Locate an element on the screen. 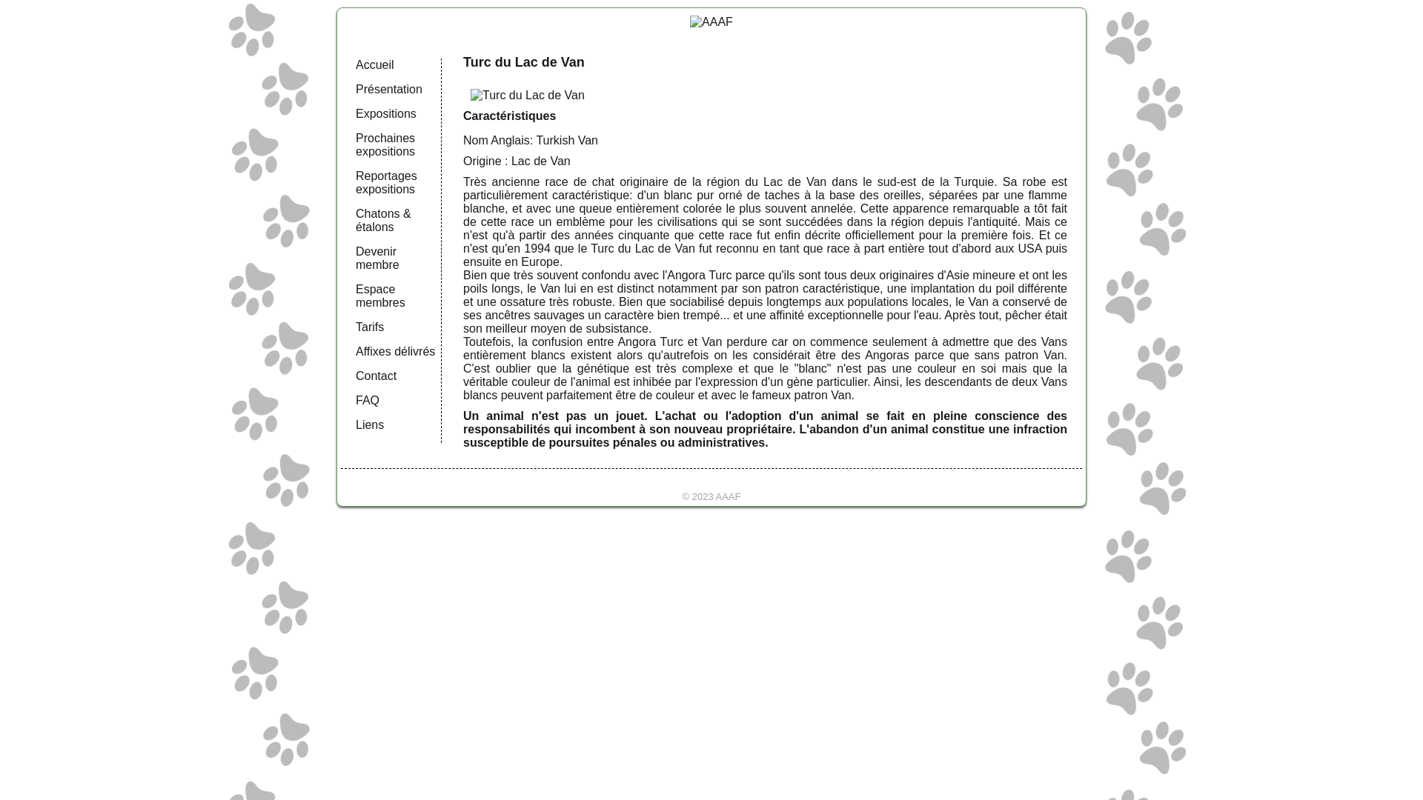 The height and width of the screenshot is (800, 1423). 'Tarifs' is located at coordinates (370, 326).